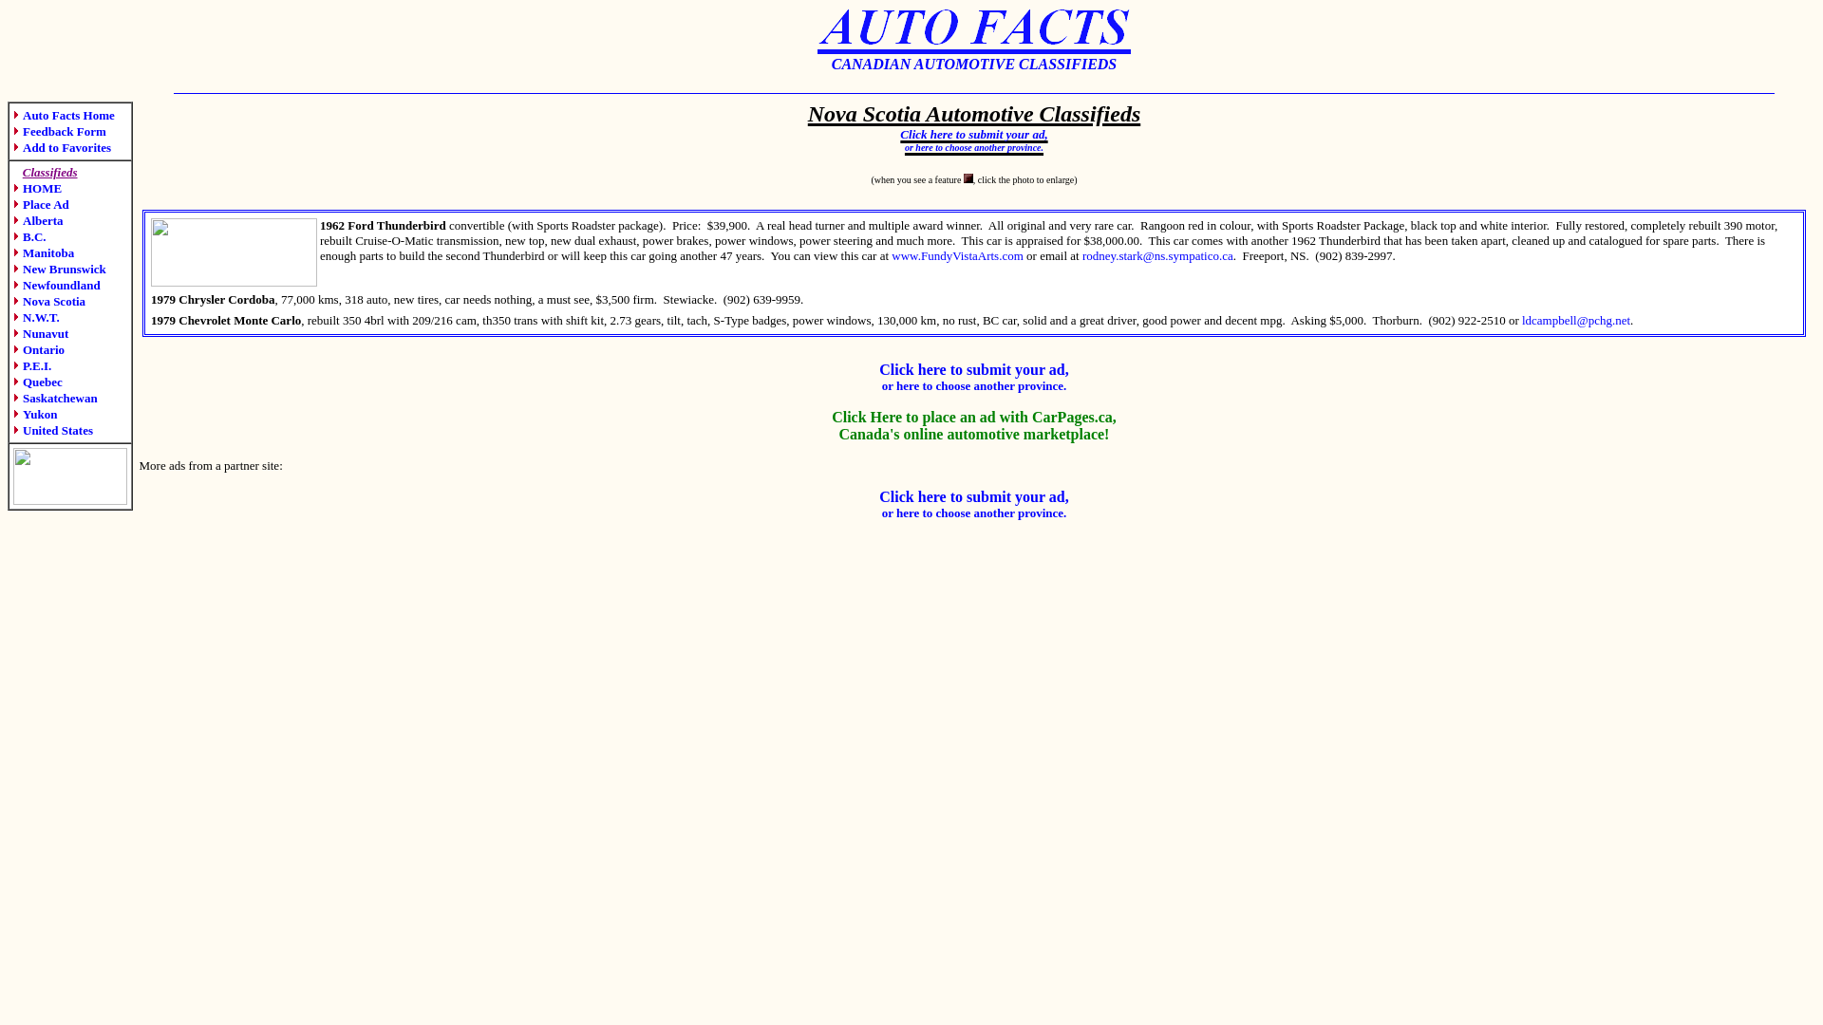 The height and width of the screenshot is (1025, 1823). What do you see at coordinates (59, 130) in the screenshot?
I see `'Feedback Form'` at bounding box center [59, 130].